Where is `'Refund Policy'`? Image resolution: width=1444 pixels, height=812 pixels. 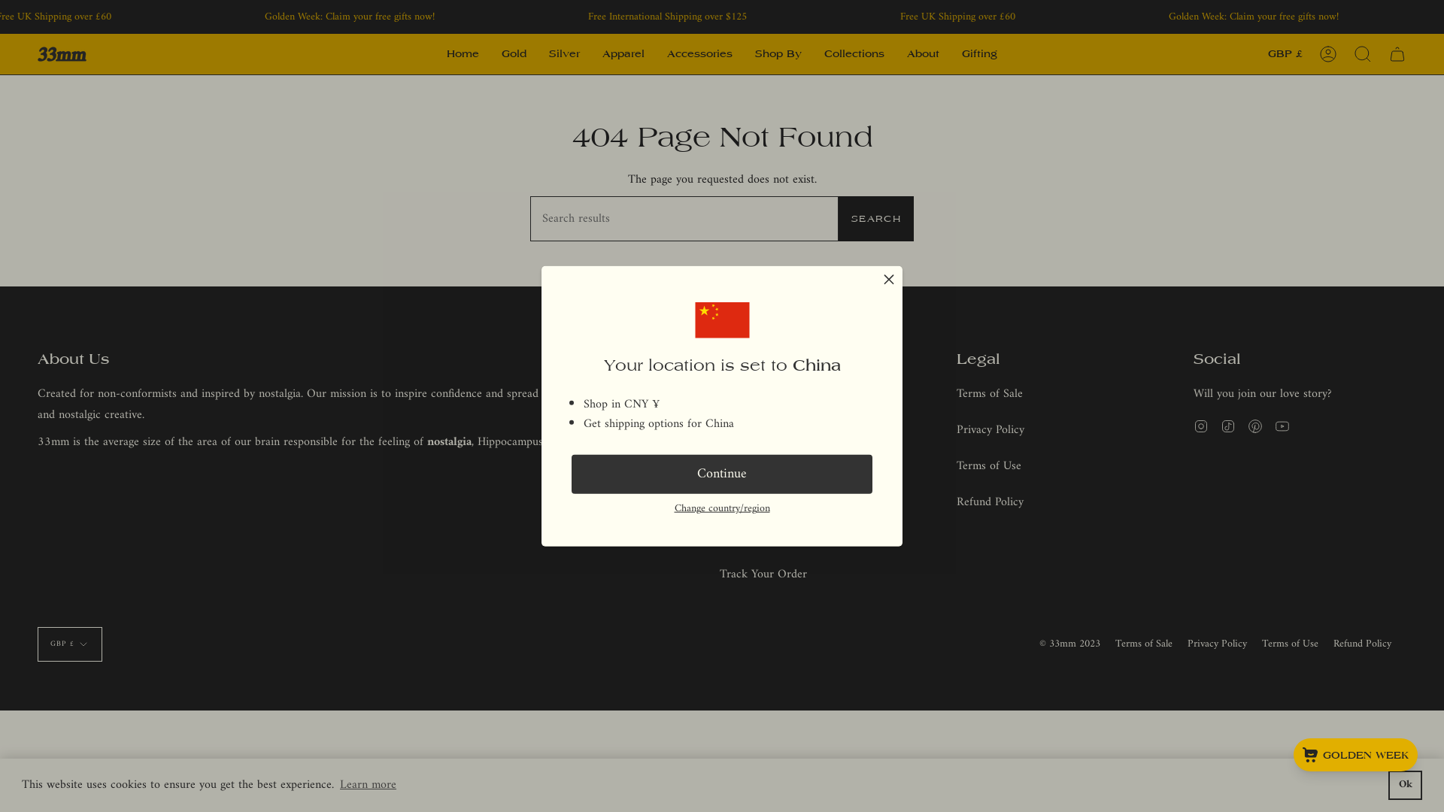 'Refund Policy' is located at coordinates (1333, 643).